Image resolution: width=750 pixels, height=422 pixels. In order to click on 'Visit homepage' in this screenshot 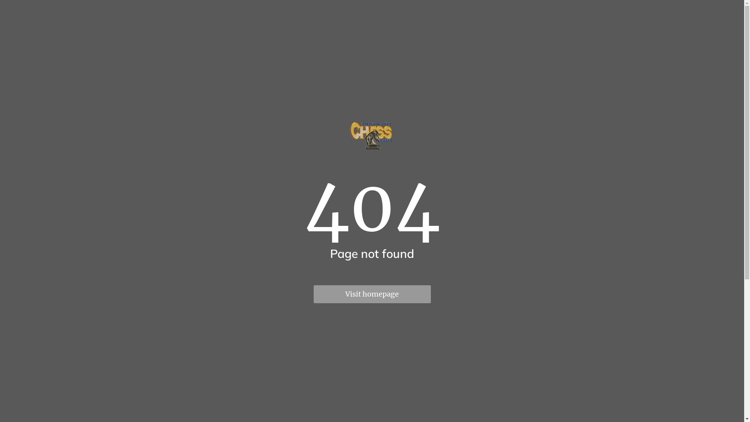, I will do `click(371, 294)`.